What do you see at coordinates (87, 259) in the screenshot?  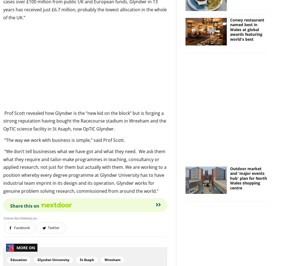 I see `'St Asaph'` at bounding box center [87, 259].